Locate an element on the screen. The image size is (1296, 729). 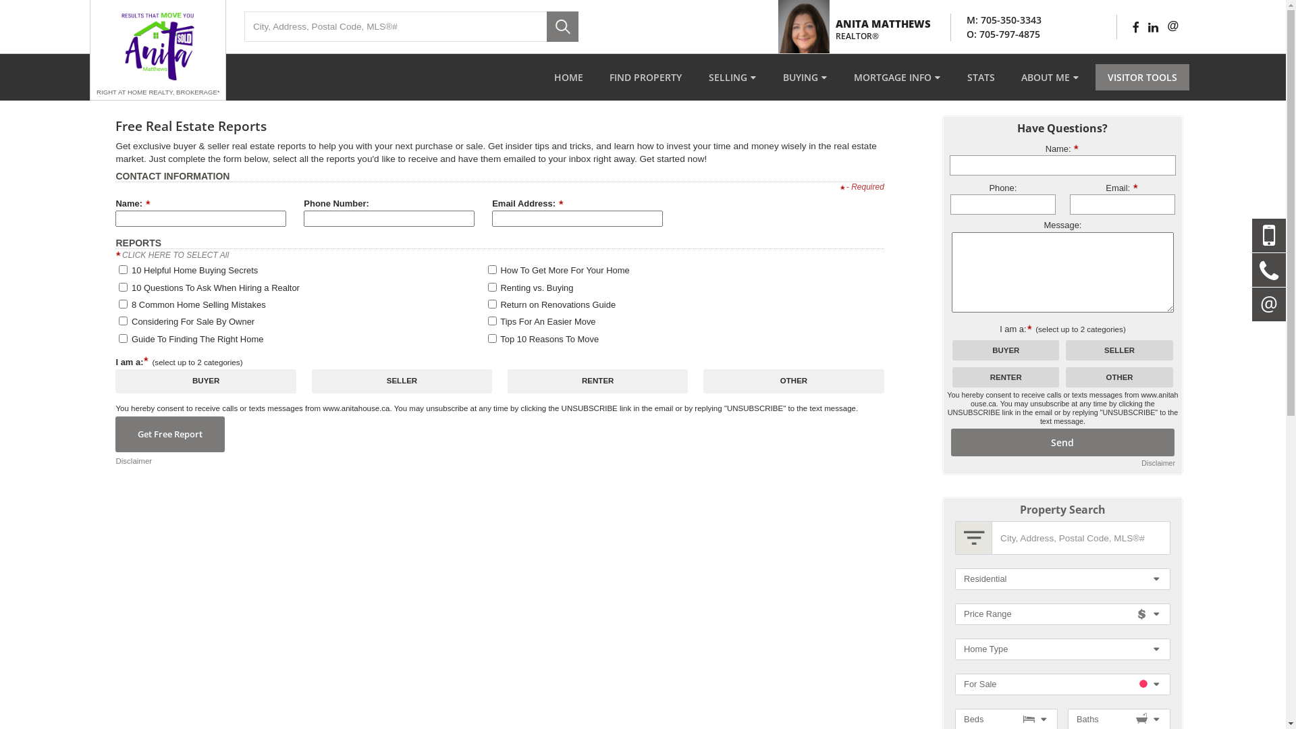
'Search by' is located at coordinates (973, 537).